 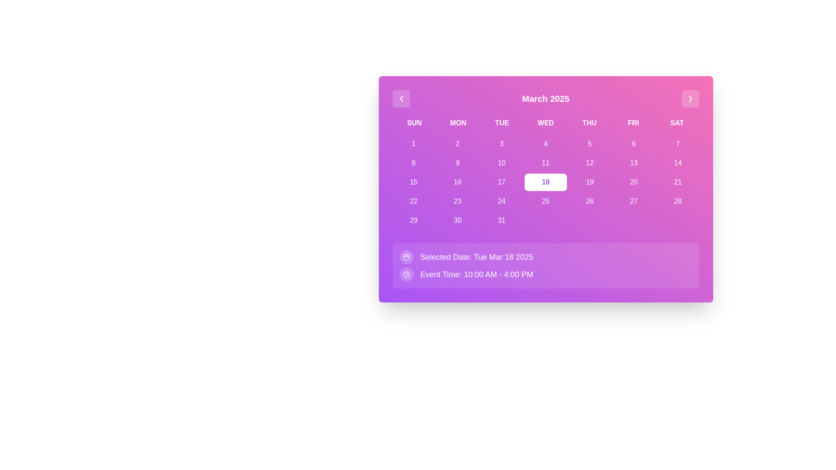 What do you see at coordinates (502, 144) in the screenshot?
I see `the button representing the date '3'` at bounding box center [502, 144].